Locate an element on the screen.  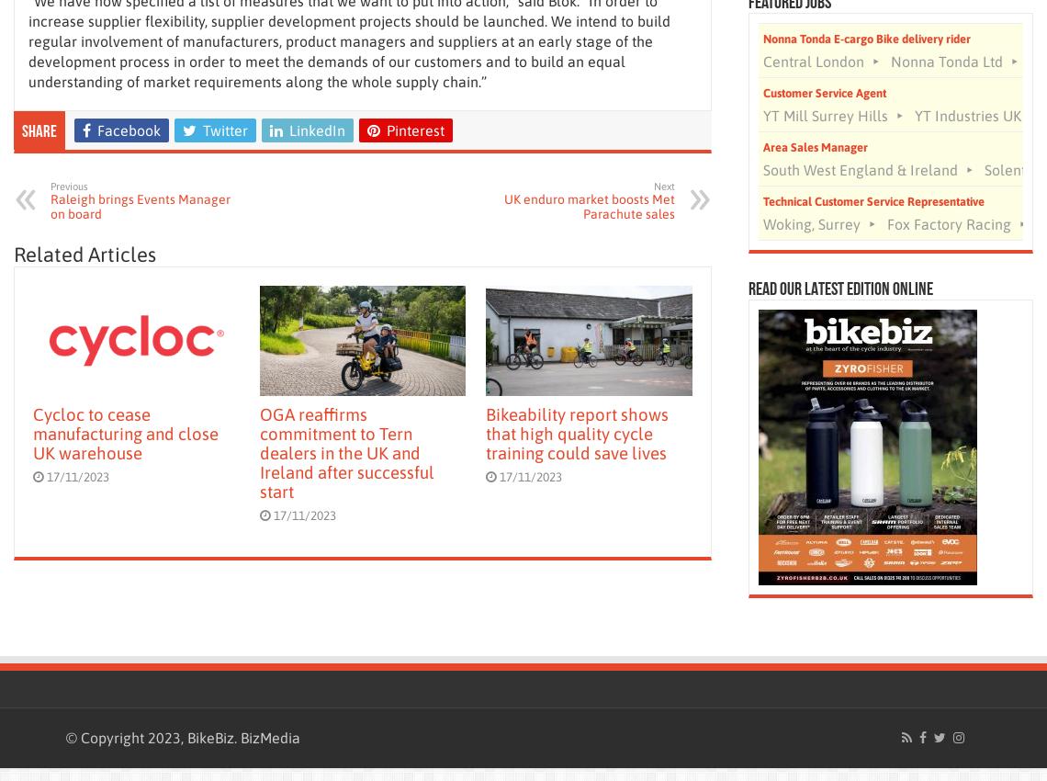
'Woking, Surrey' is located at coordinates (811, 224).